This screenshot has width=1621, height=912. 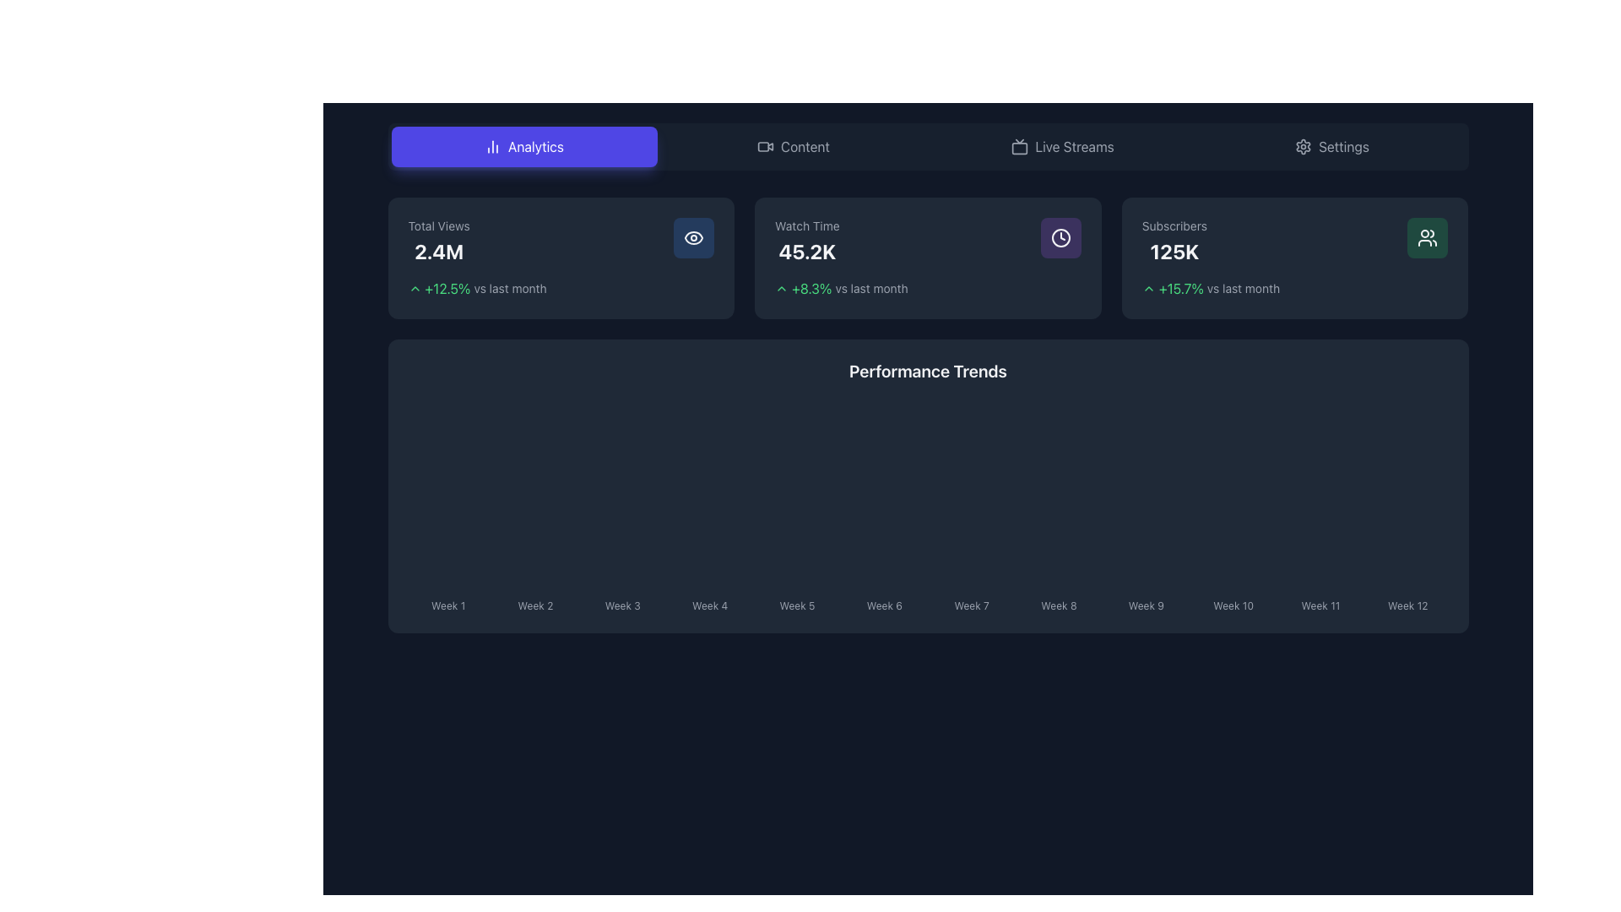 I want to click on the gear-shaped settings icon located, so click(x=1303, y=145).